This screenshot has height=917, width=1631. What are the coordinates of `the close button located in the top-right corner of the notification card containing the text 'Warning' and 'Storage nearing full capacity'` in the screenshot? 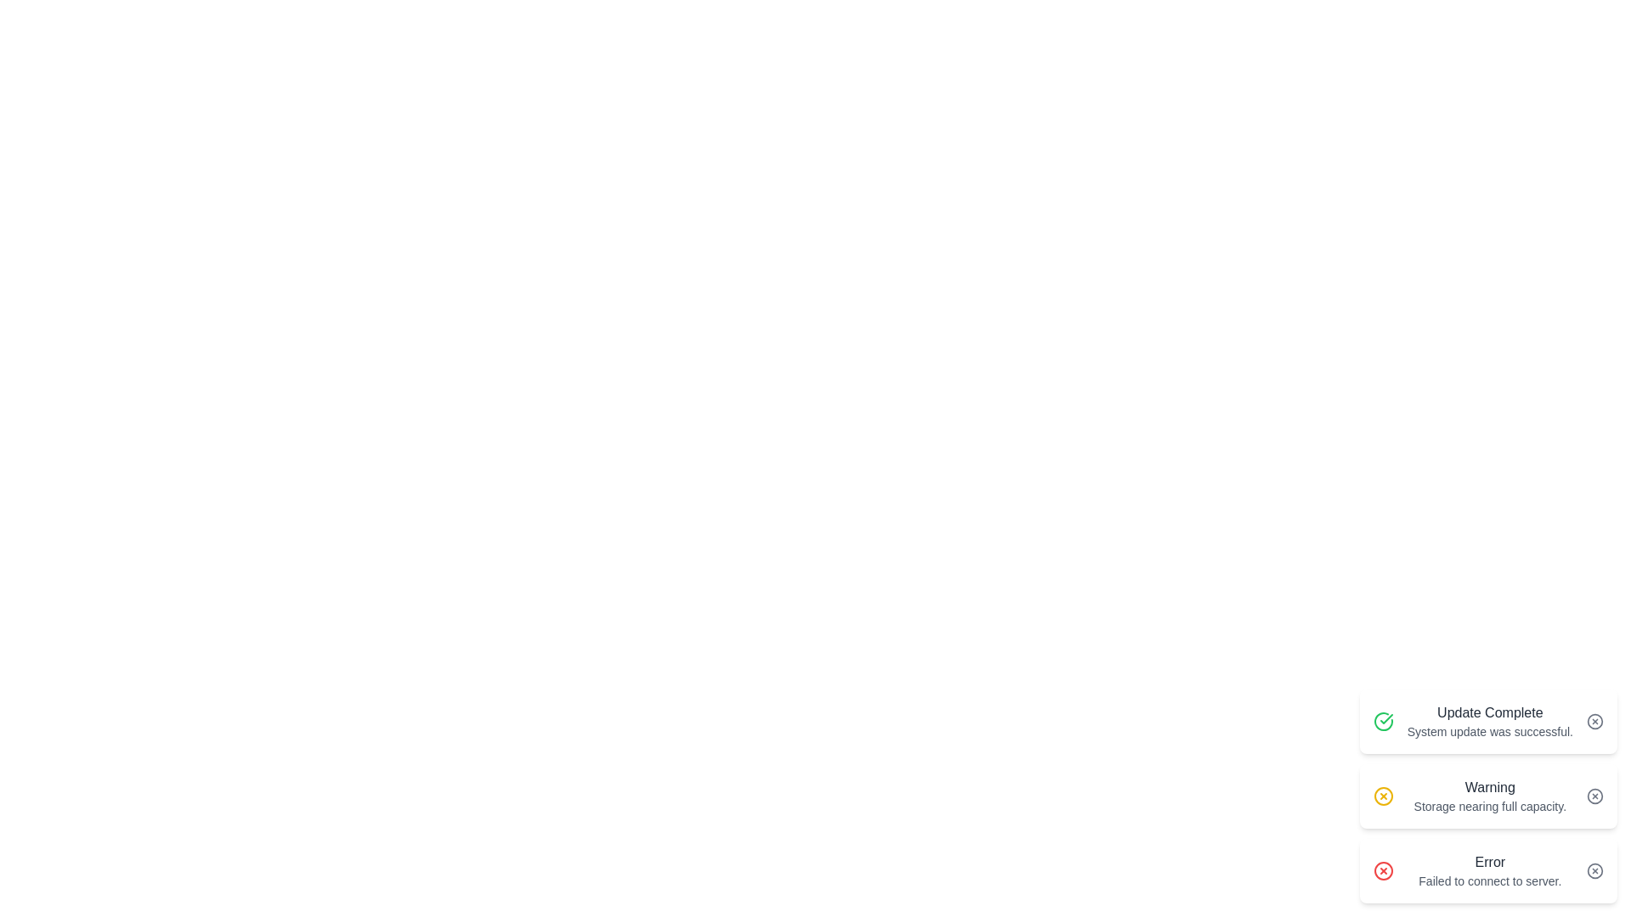 It's located at (1594, 796).